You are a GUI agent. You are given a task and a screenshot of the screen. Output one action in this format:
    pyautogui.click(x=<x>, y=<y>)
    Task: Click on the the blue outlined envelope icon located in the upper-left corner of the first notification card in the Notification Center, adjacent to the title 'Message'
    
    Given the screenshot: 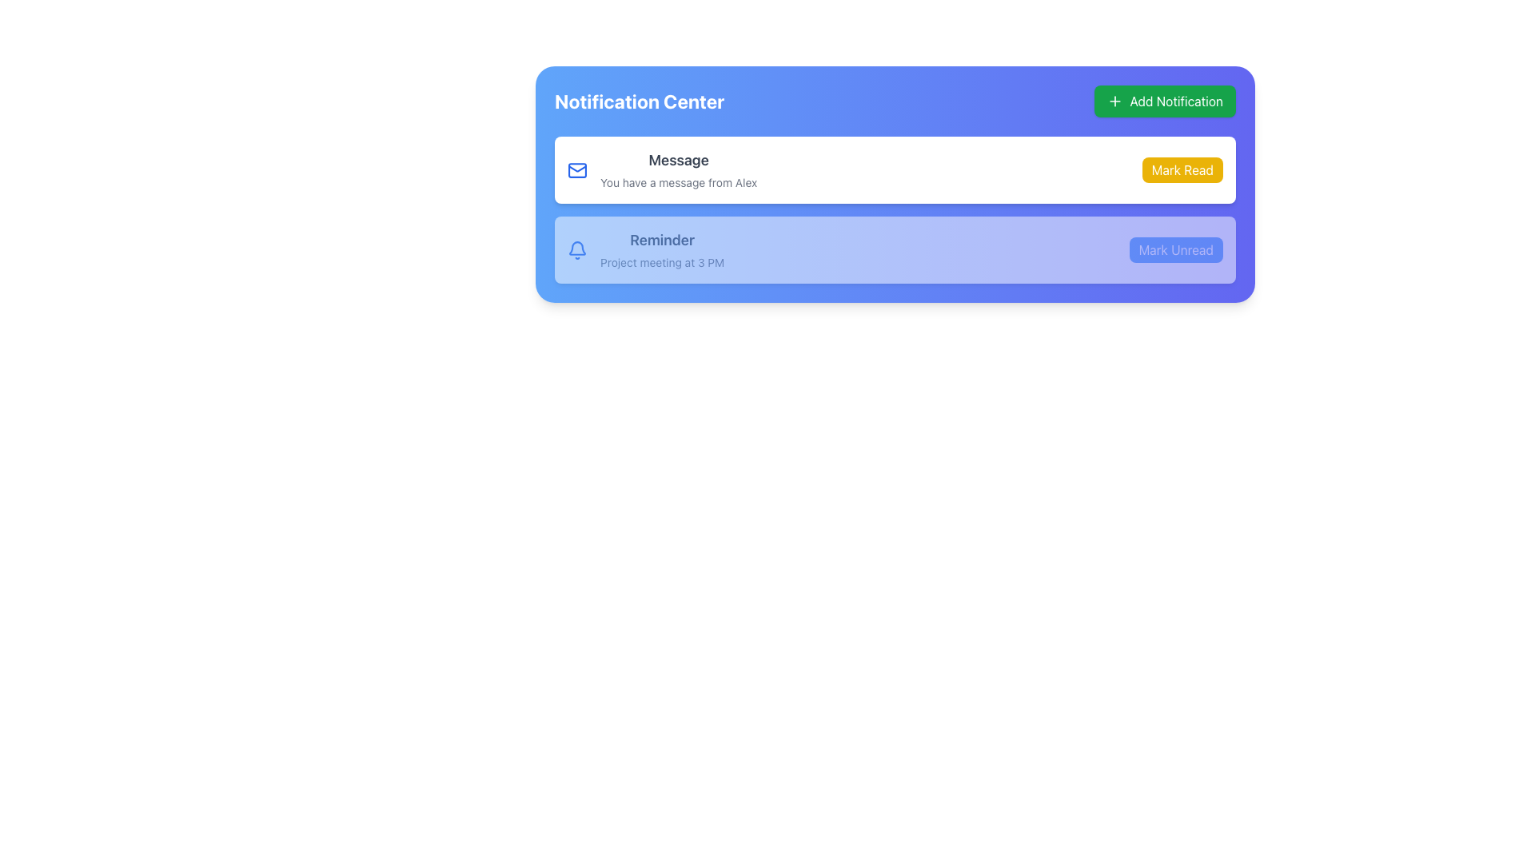 What is the action you would take?
    pyautogui.click(x=576, y=169)
    